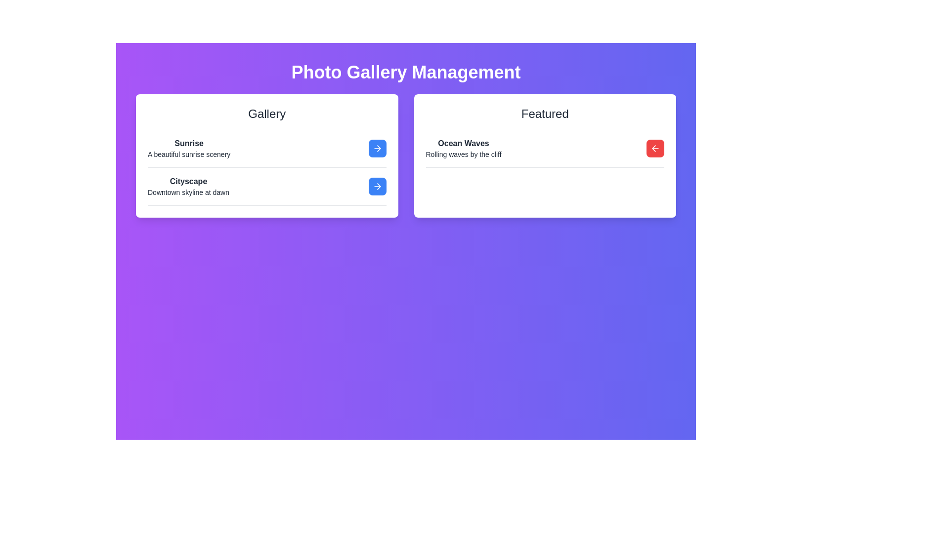 This screenshot has height=533, width=949. Describe the element at coordinates (188, 181) in the screenshot. I see `the Text label in the 'Gallery' section that serves as a category title for a gallery item, positioned beneath 'Sunrise' and above its descriptive text 'Downtown skyline at dawn'` at that location.